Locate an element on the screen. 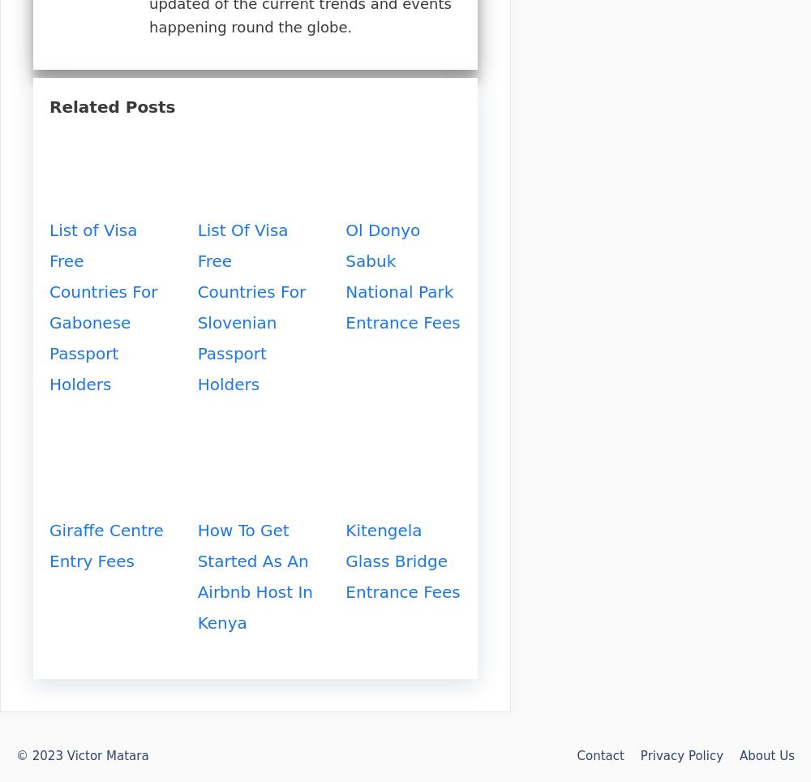 Image resolution: width=811 pixels, height=782 pixels. 'List Of Visa Free Countries For Slovenian Passport Holders' is located at coordinates (251, 307).